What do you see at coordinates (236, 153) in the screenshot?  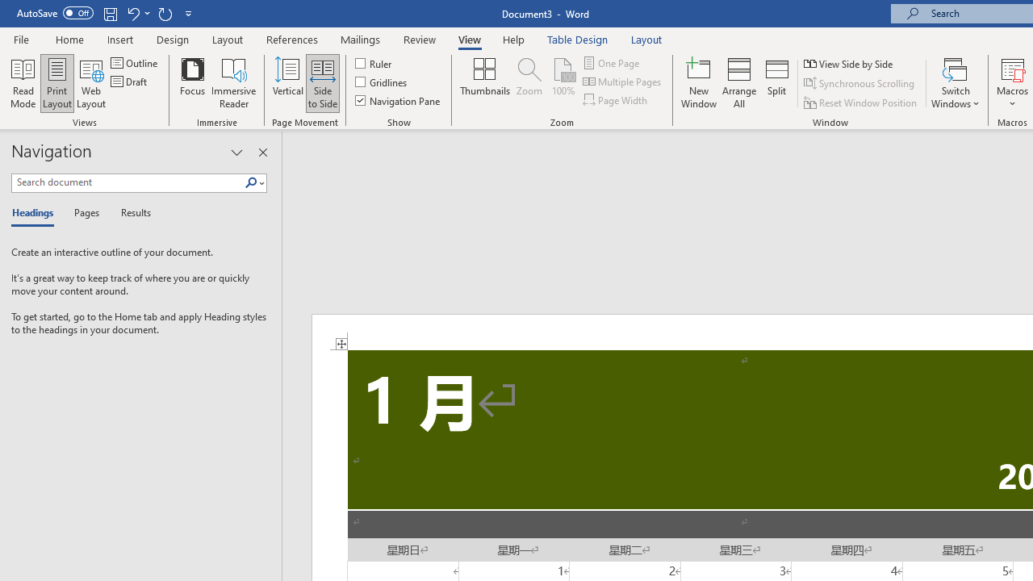 I see `'Task Pane Options'` at bounding box center [236, 153].